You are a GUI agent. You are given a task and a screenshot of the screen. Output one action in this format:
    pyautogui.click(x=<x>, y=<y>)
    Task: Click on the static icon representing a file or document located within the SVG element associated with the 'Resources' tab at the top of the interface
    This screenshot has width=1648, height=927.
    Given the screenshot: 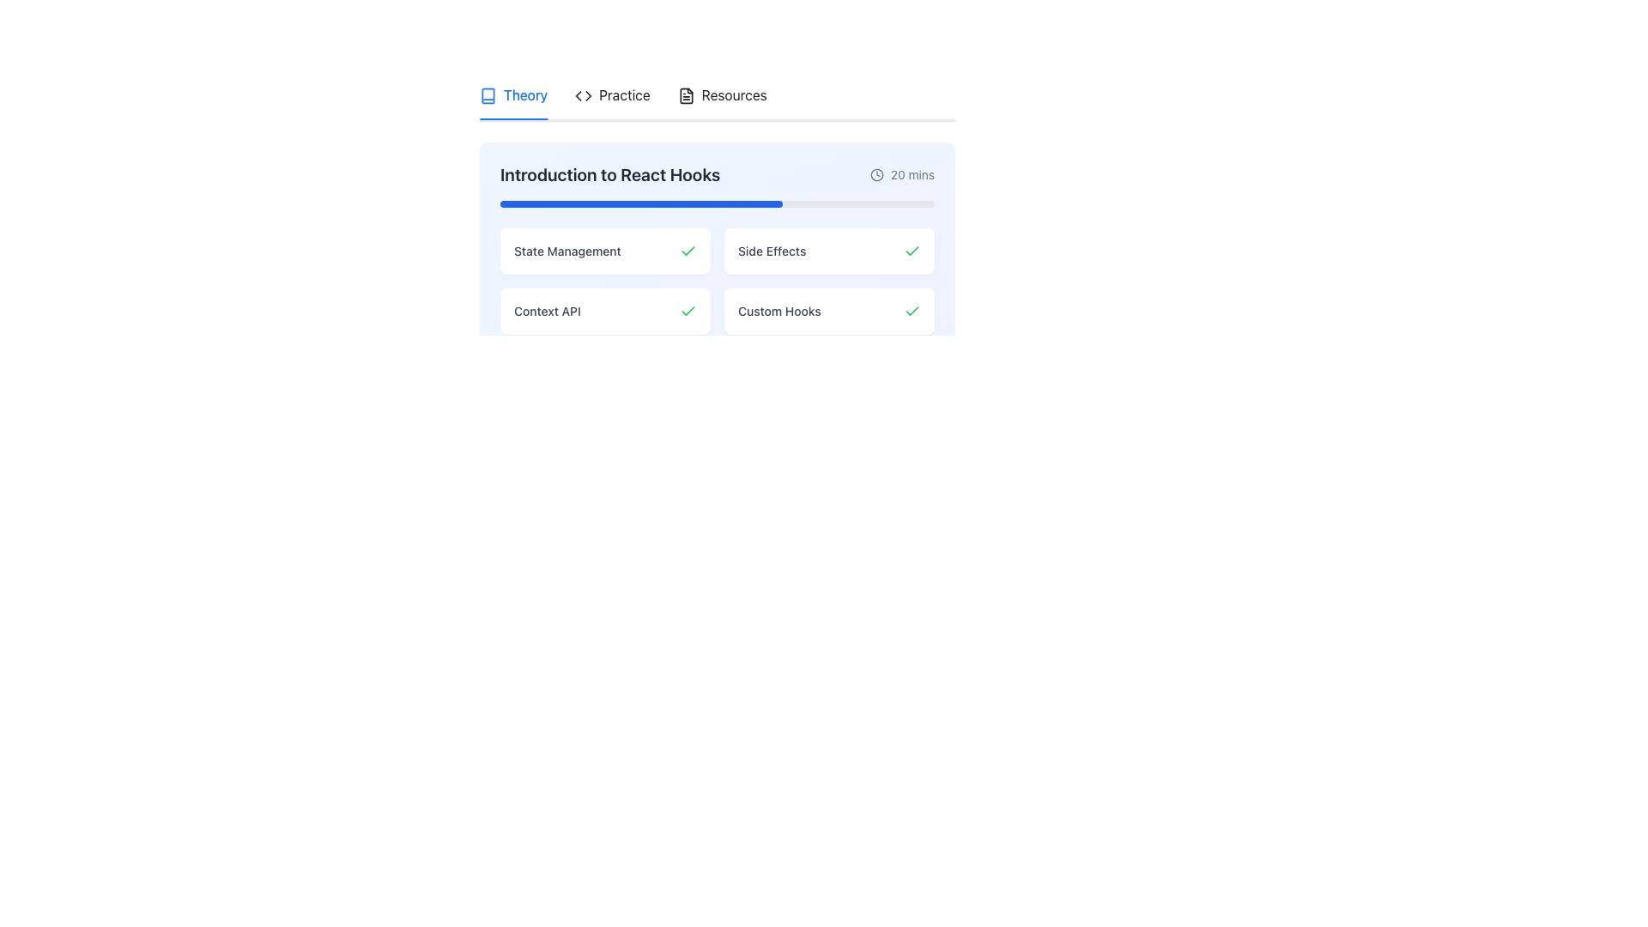 What is the action you would take?
    pyautogui.click(x=685, y=95)
    